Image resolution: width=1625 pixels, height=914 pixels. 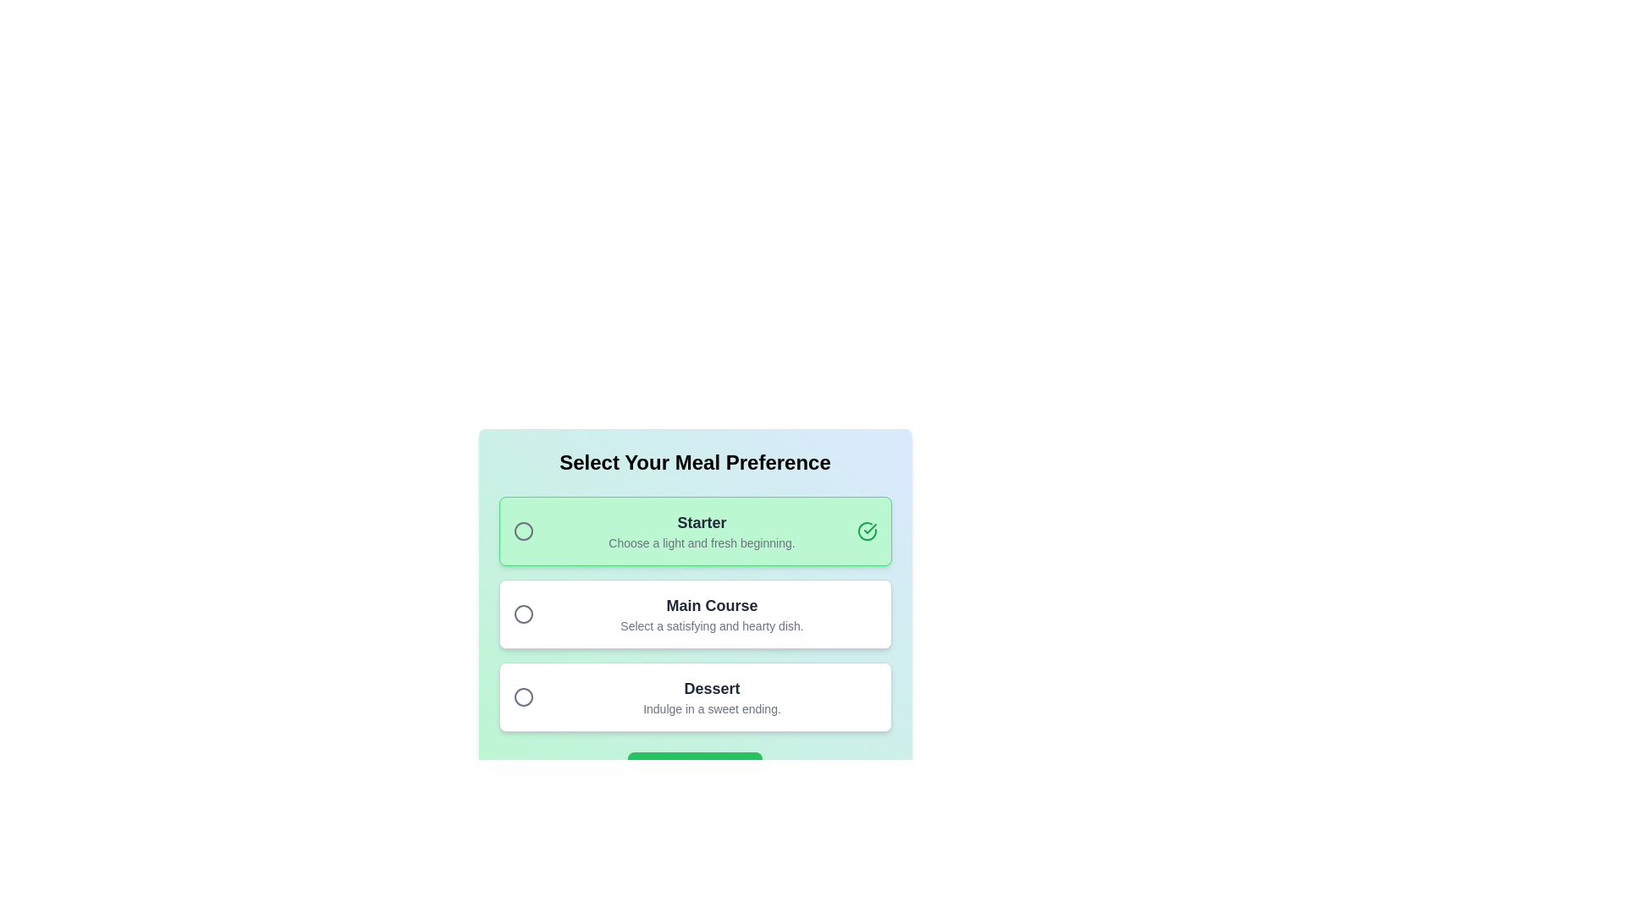 What do you see at coordinates (522, 614) in the screenshot?
I see `the unselected radio button icon located to the left of the 'Main Course' option in the meal preference selection` at bounding box center [522, 614].